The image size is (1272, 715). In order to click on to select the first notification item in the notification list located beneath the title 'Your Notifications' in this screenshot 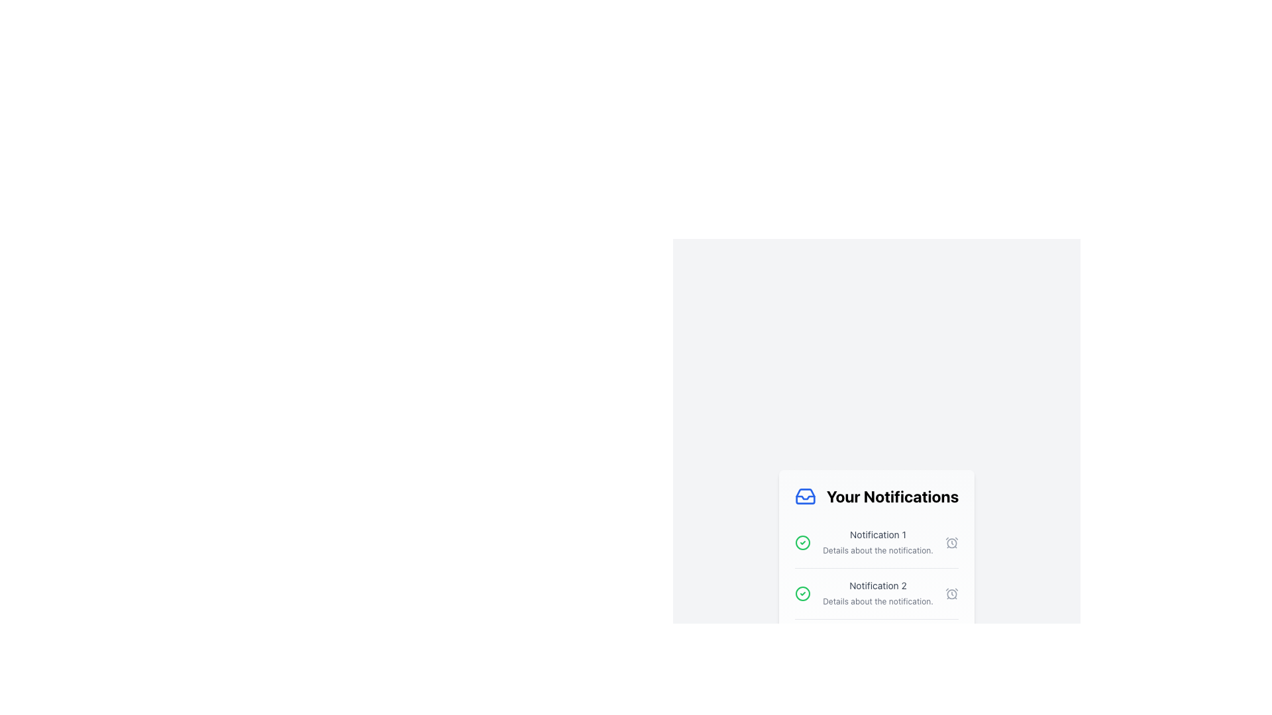, I will do `click(876, 543)`.